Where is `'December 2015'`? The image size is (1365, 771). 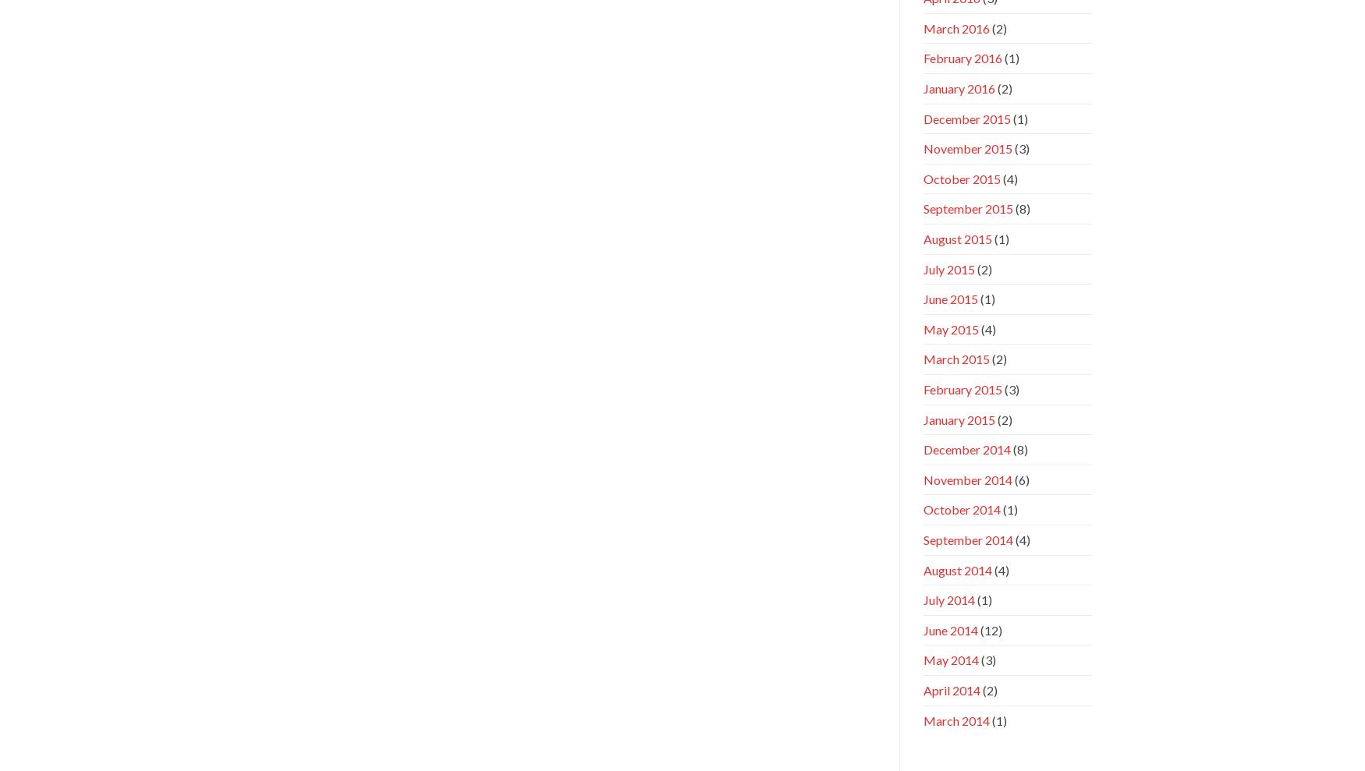 'December 2015' is located at coordinates (966, 117).